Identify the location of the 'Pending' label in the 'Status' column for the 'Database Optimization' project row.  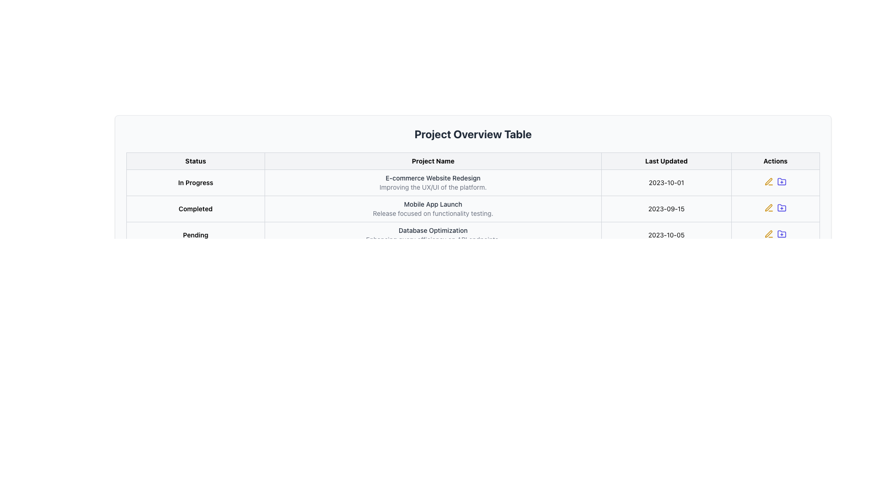
(195, 235).